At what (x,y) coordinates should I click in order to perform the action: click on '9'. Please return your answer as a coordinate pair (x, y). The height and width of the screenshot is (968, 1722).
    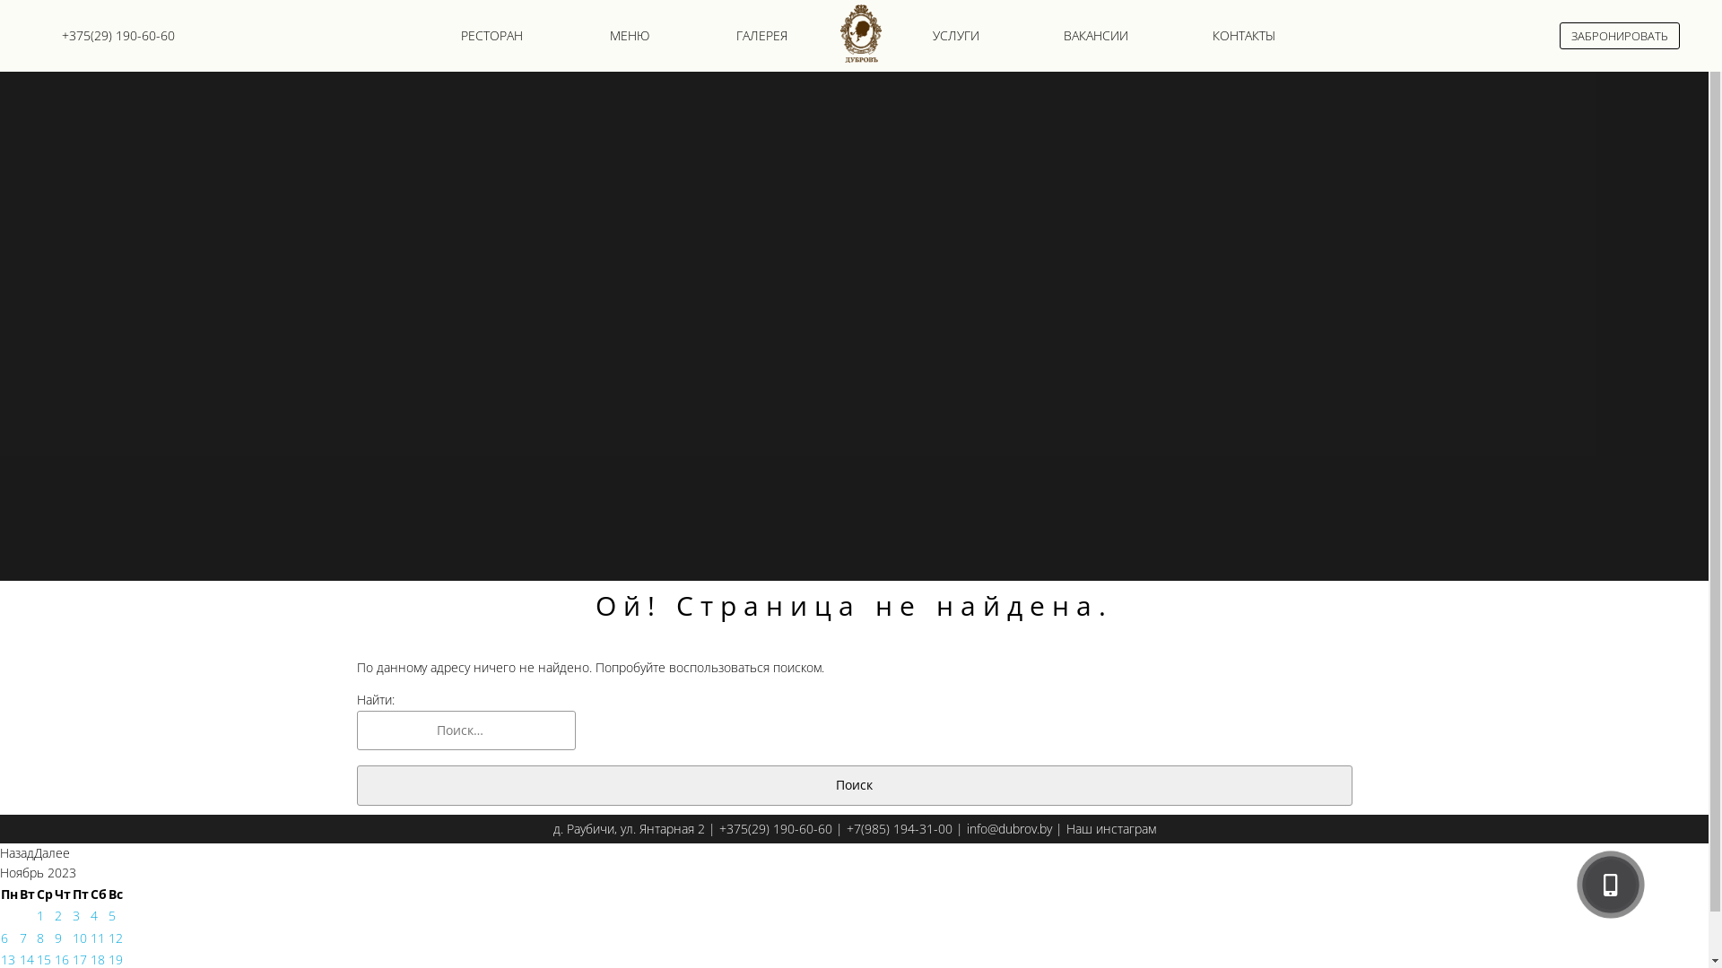
    Looking at the image, I should click on (58, 937).